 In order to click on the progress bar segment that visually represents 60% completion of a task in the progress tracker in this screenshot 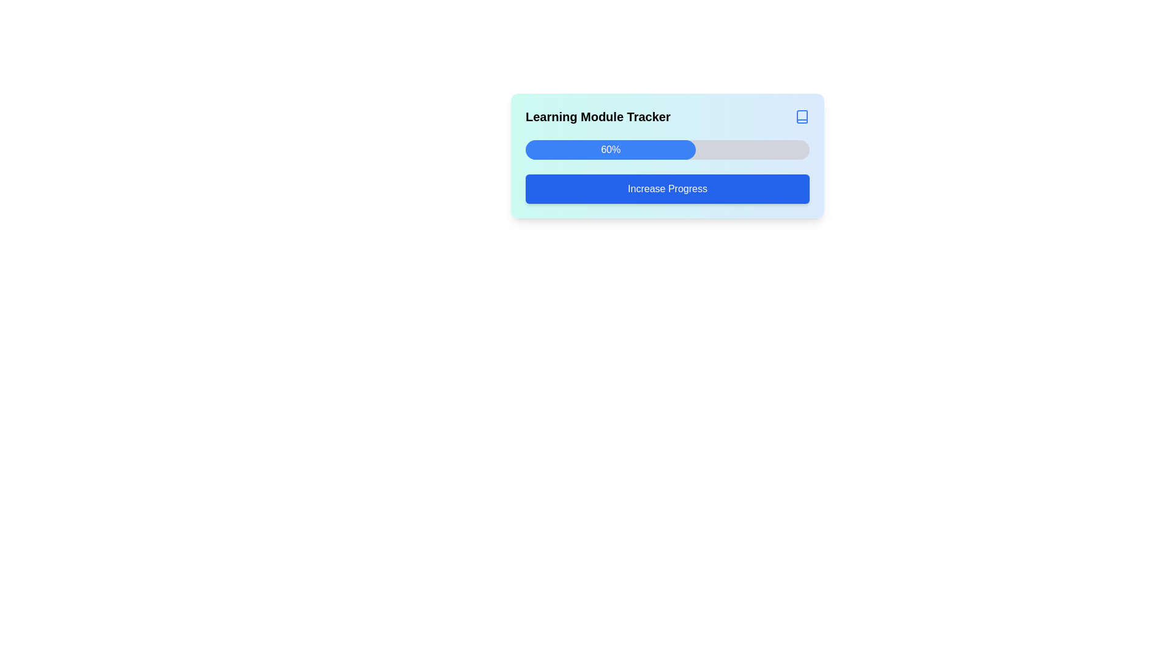, I will do `click(611, 149)`.